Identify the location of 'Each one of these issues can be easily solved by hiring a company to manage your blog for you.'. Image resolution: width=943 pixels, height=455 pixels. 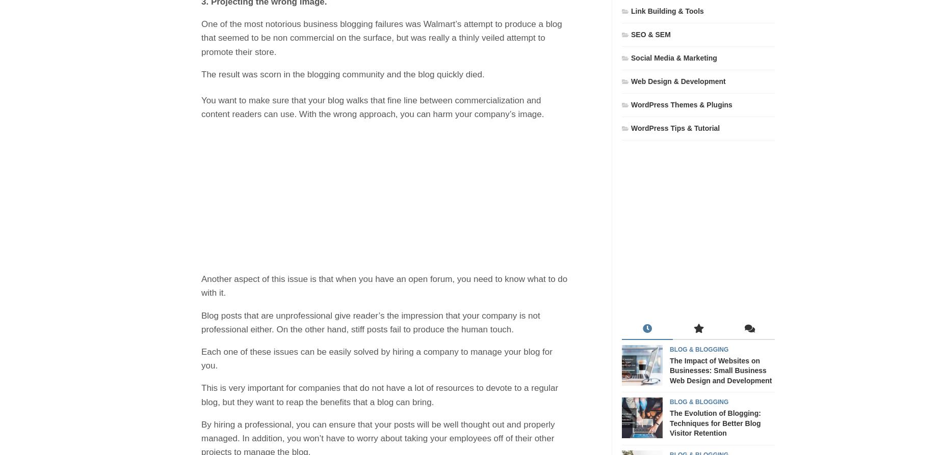
(377, 358).